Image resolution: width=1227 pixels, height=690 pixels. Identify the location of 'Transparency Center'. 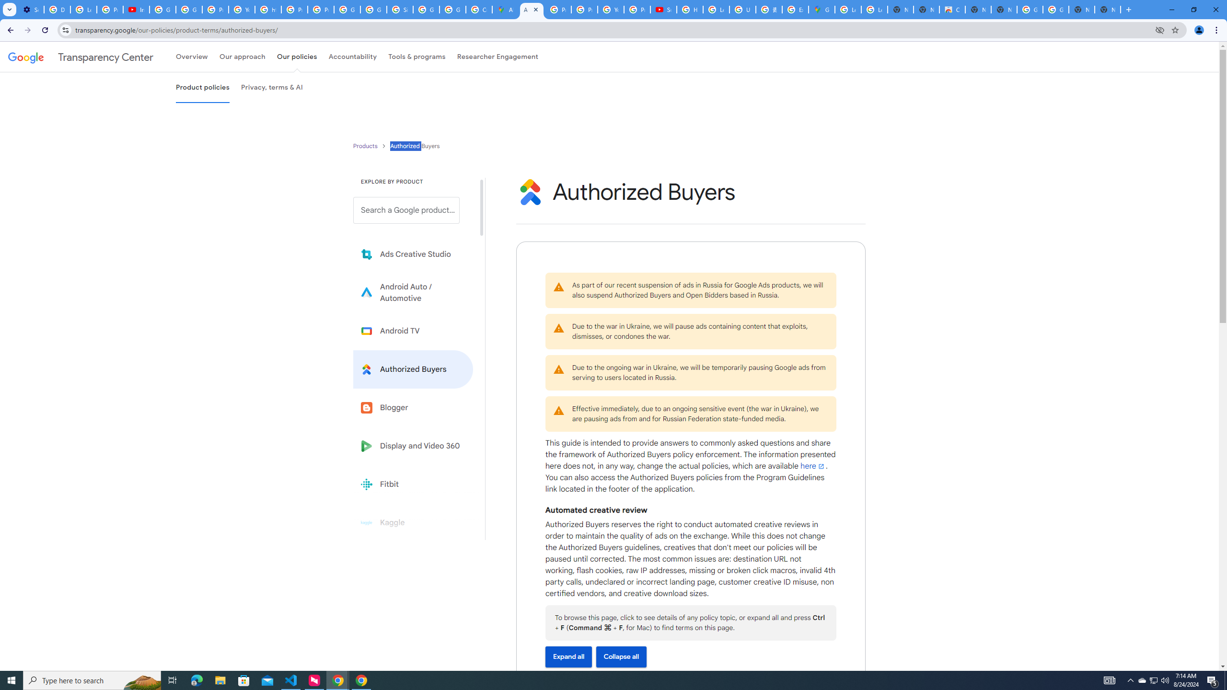
(80, 57).